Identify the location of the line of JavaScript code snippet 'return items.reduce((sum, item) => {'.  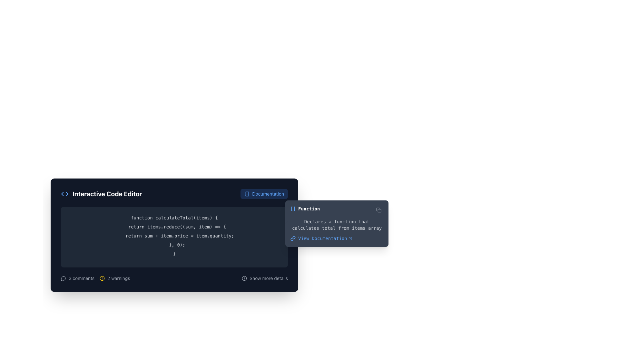
(174, 227).